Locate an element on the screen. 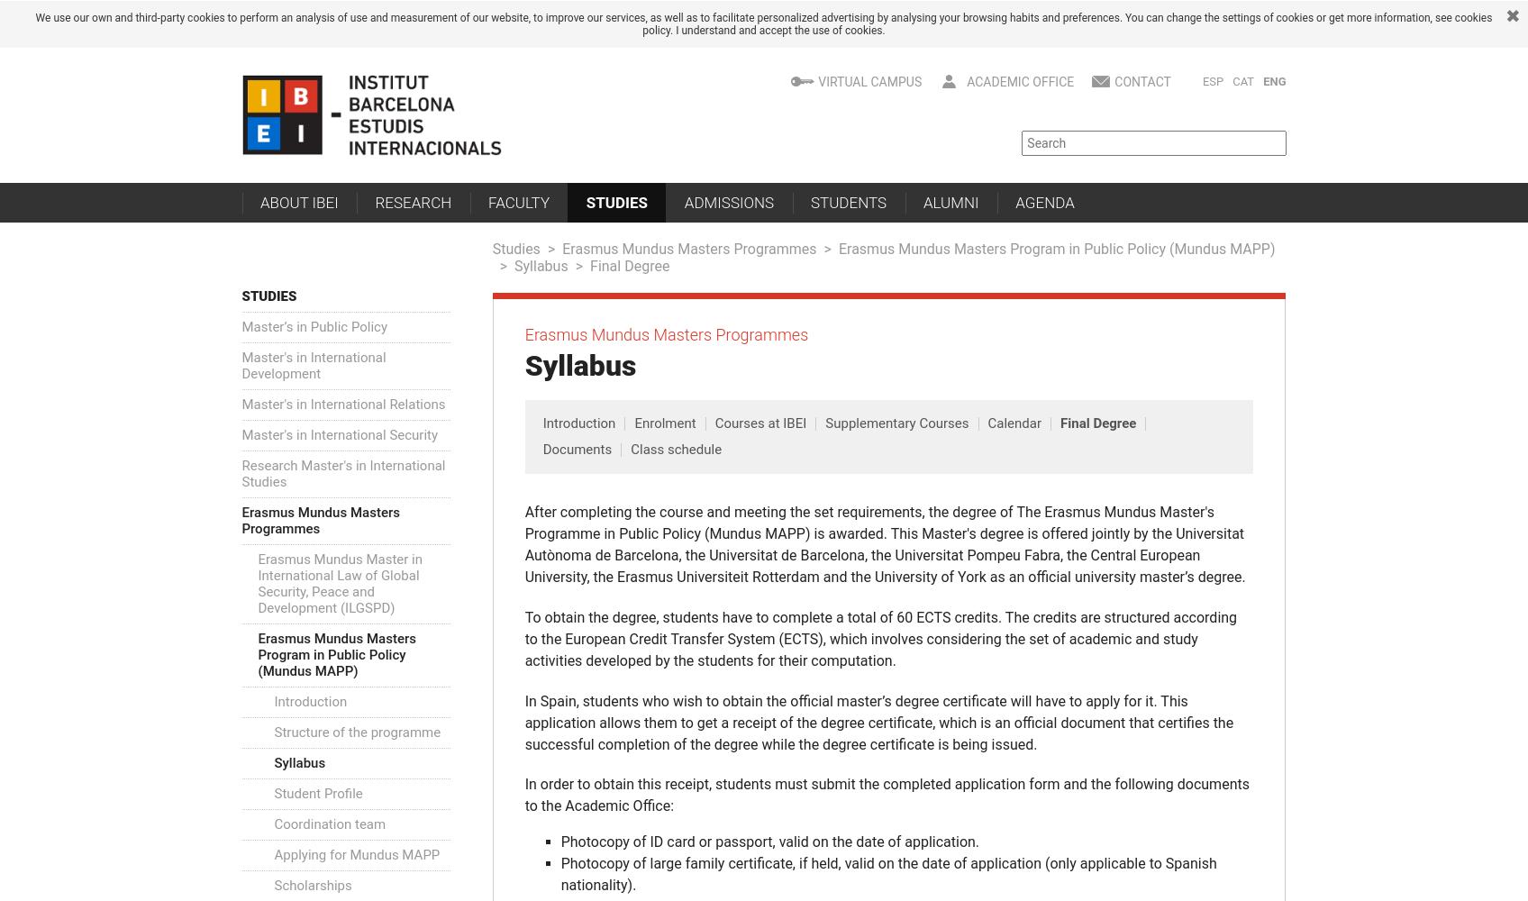  'Documents' is located at coordinates (542, 448).